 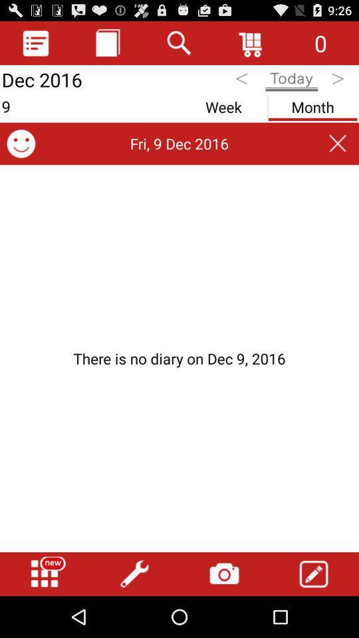 I want to click on the icon to the left of the fri 9 dec item, so click(x=20, y=144).